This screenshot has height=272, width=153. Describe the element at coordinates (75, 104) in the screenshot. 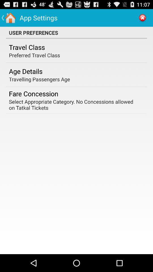

I see `select appropriate category` at that location.